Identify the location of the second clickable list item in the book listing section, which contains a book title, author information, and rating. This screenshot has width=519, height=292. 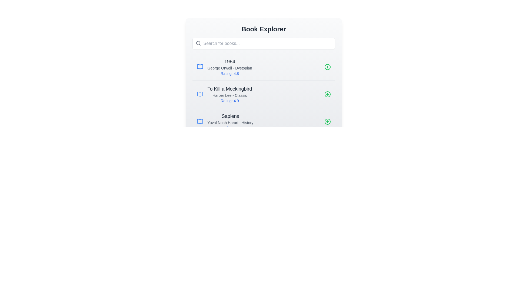
(264, 94).